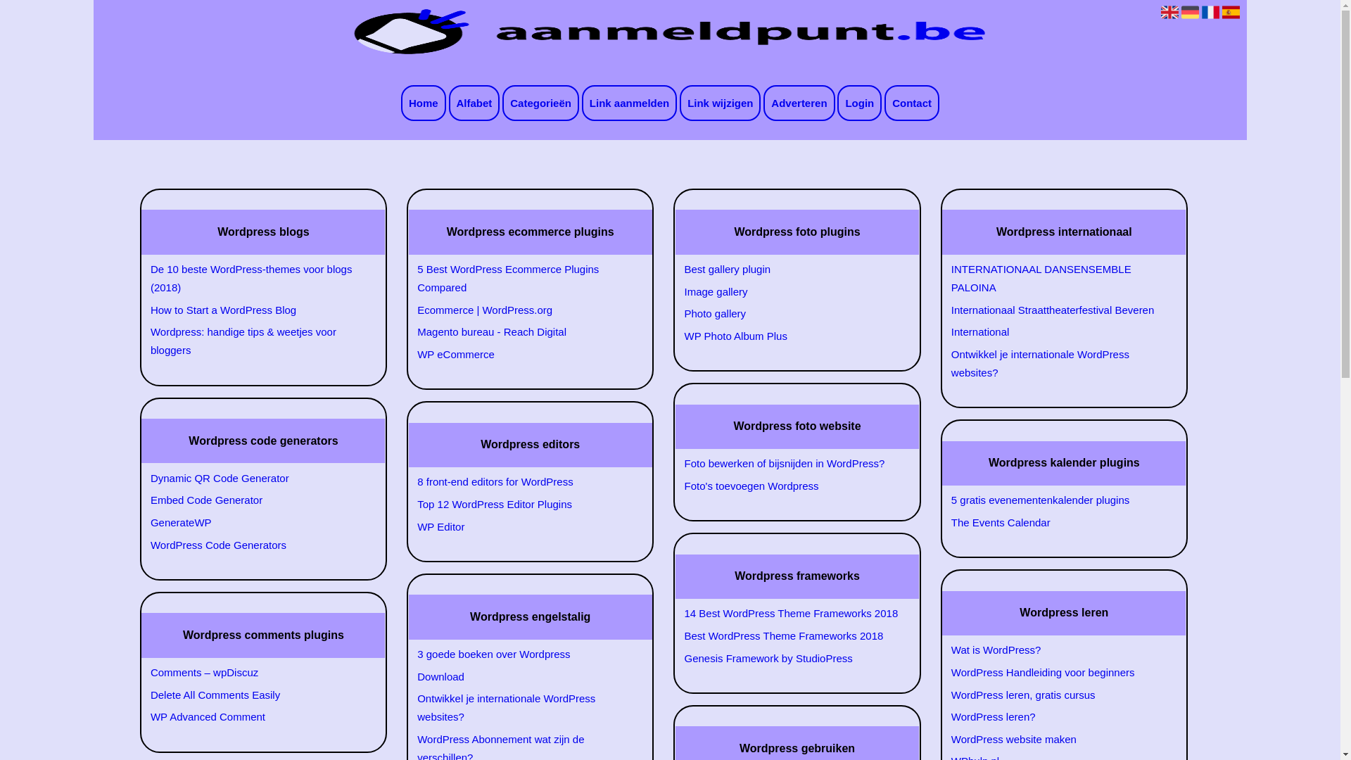  Describe the element at coordinates (255, 341) in the screenshot. I see `'Wordpress: handige tips & weetjes voor bloggers'` at that location.